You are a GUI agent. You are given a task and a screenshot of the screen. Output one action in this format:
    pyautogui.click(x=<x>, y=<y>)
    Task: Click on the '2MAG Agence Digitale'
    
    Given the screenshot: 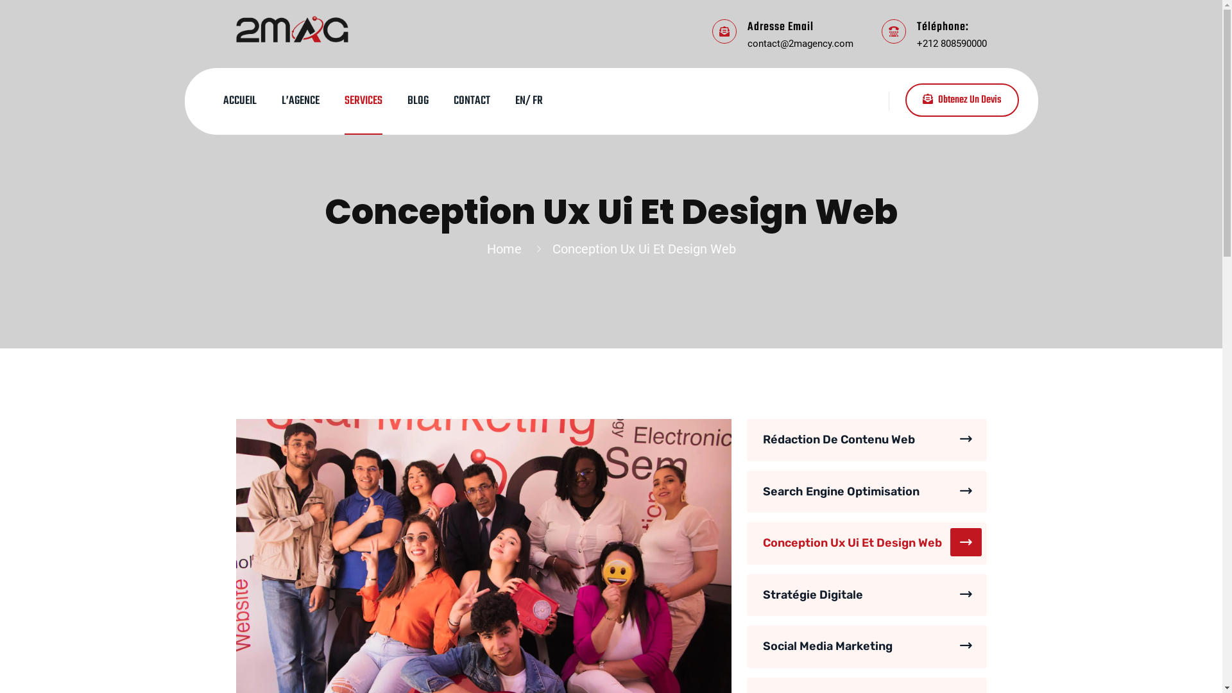 What is the action you would take?
    pyautogui.click(x=291, y=28)
    